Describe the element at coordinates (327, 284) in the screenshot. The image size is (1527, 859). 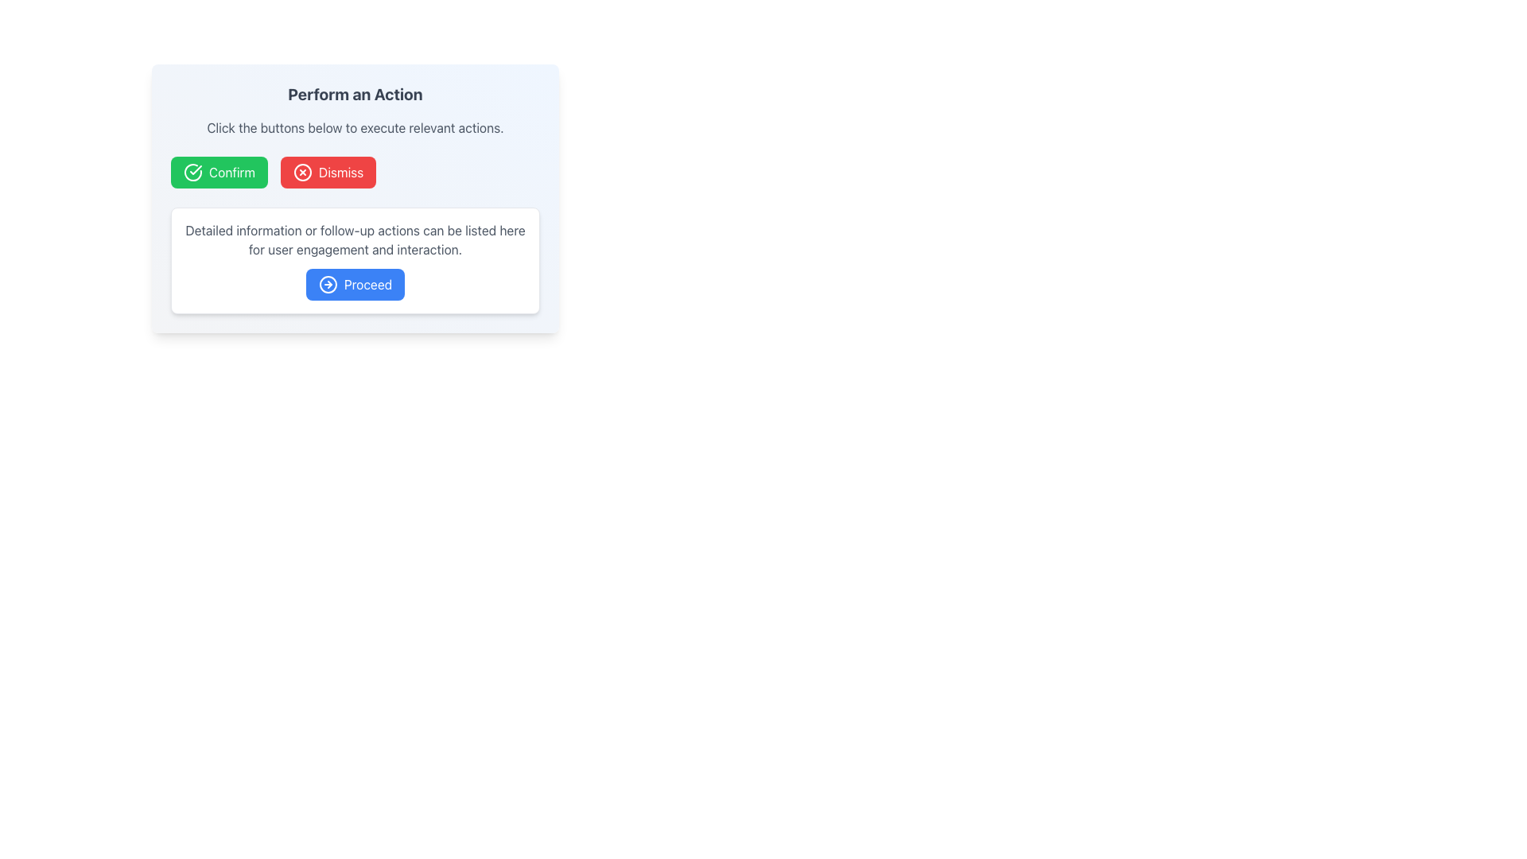
I see `the circle graphic located in the lower-right section of the card-like interface, which is part of a composite icon with an arrow symbol` at that location.